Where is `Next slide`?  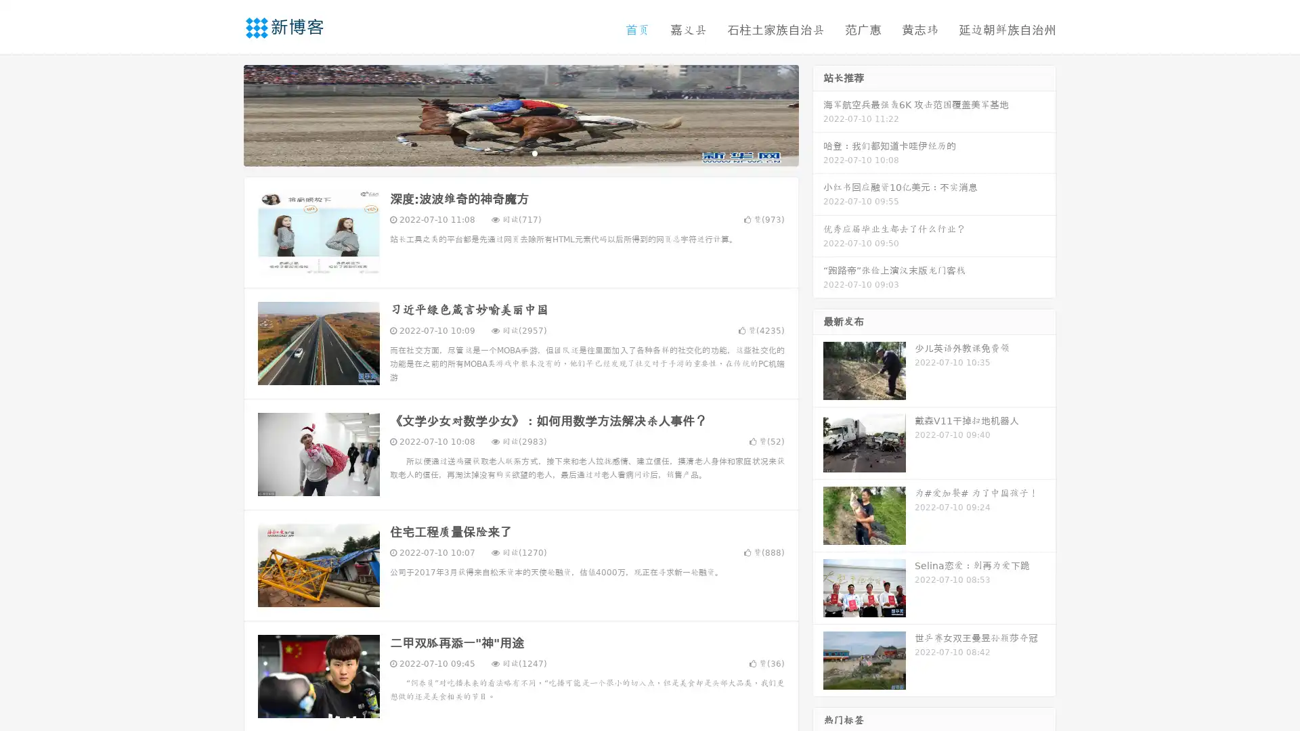
Next slide is located at coordinates (818, 114).